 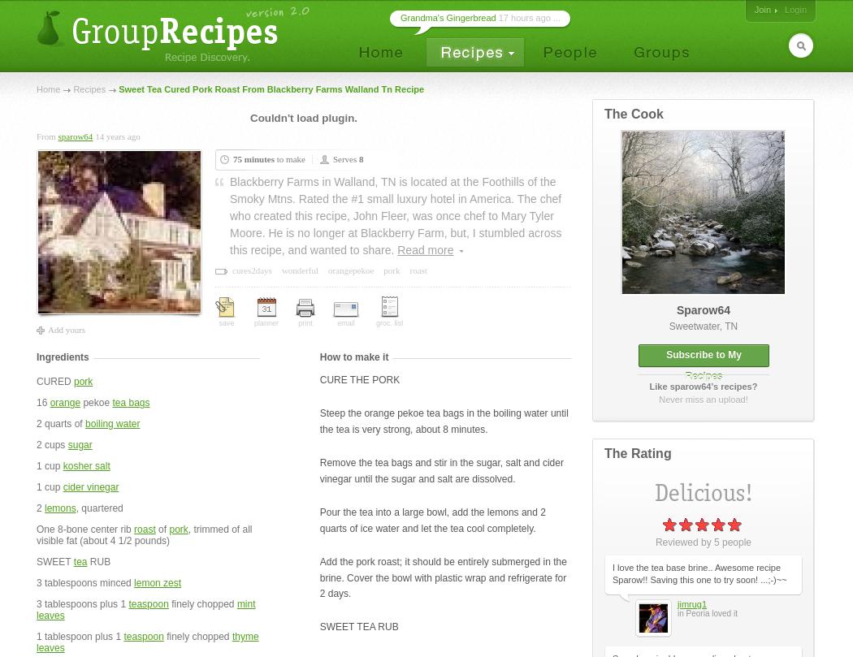 I want to click on '17 hours ago ...', so click(x=526, y=18).